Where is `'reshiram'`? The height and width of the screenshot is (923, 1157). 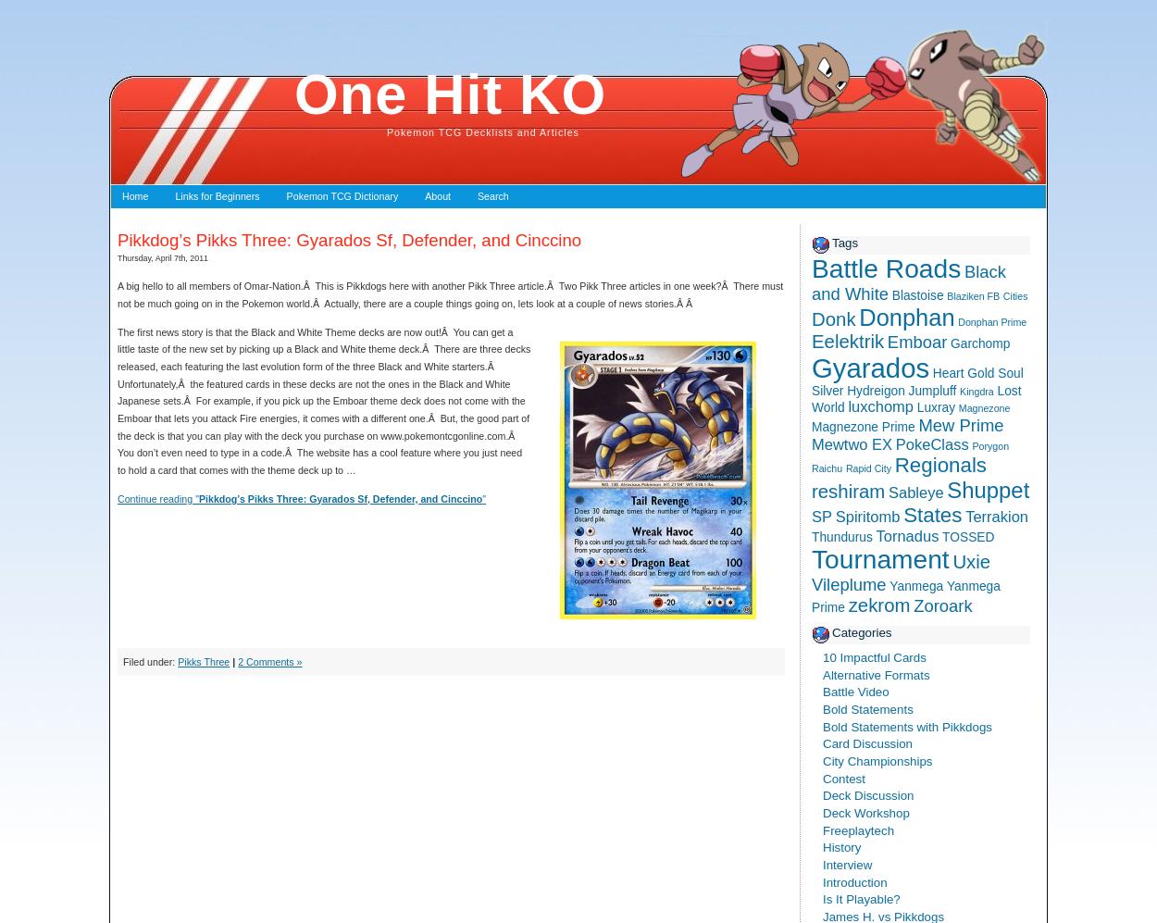
'reshiram' is located at coordinates (848, 491).